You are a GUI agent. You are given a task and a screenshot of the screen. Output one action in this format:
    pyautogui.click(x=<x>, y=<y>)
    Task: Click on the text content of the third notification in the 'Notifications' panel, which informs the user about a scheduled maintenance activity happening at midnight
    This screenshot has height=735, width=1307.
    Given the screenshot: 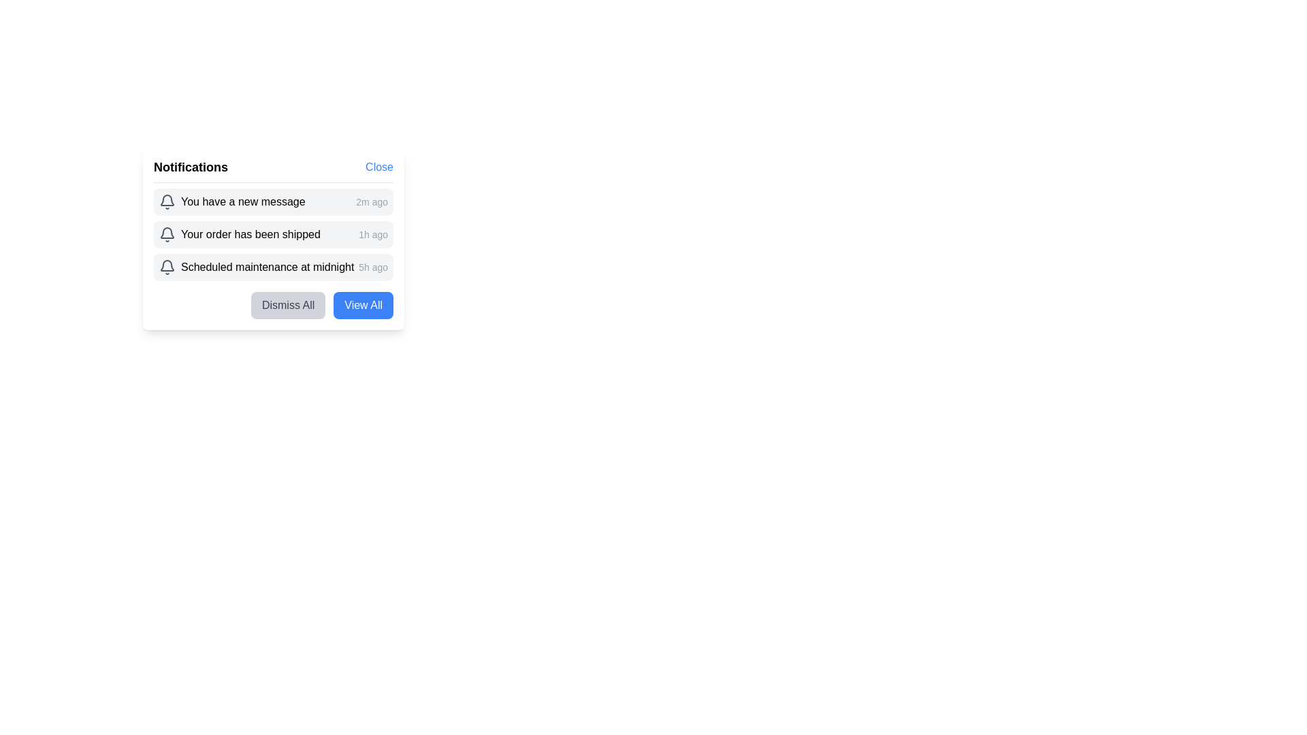 What is the action you would take?
    pyautogui.click(x=257, y=267)
    